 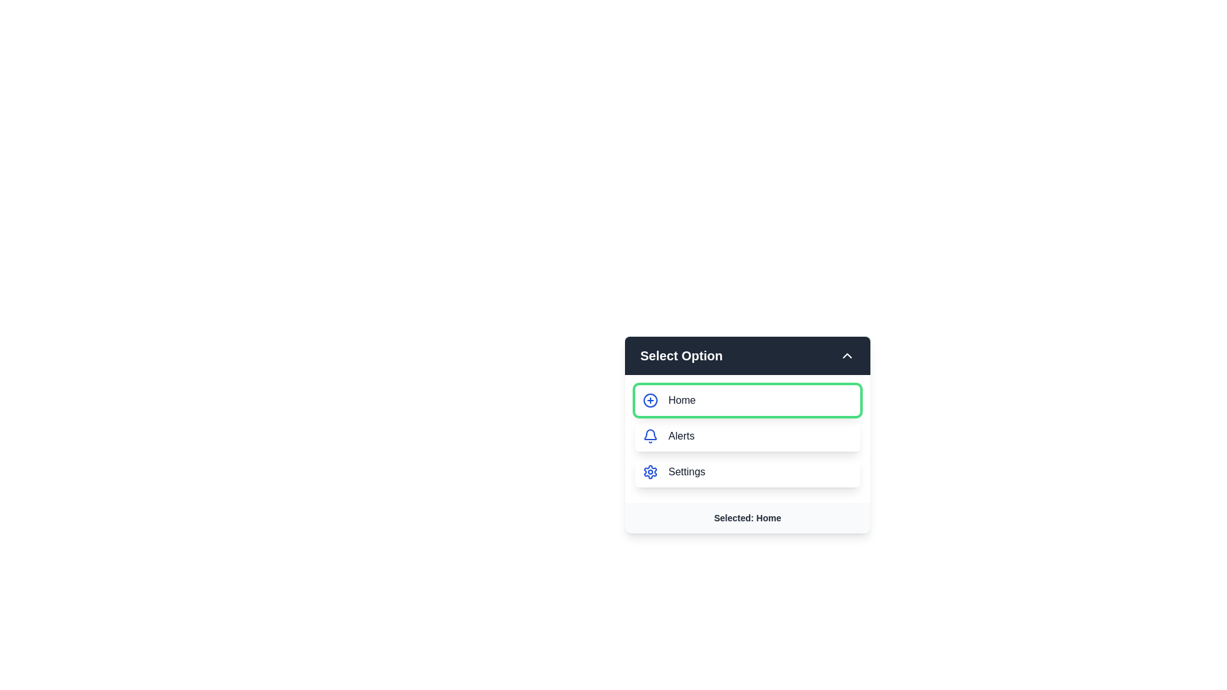 I want to click on the upward-facing chevron icon located at the top-right corner of the 'Select Option' section, so click(x=847, y=355).